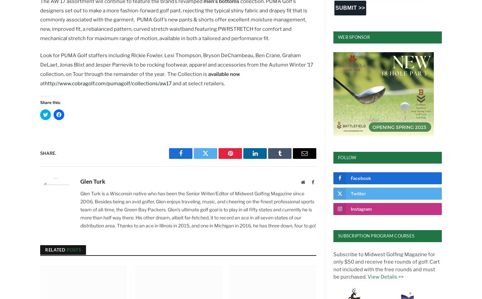  What do you see at coordinates (108, 83) in the screenshot?
I see `'http://www.cobragolf.com/pumagolf/collections/aw17'` at bounding box center [108, 83].